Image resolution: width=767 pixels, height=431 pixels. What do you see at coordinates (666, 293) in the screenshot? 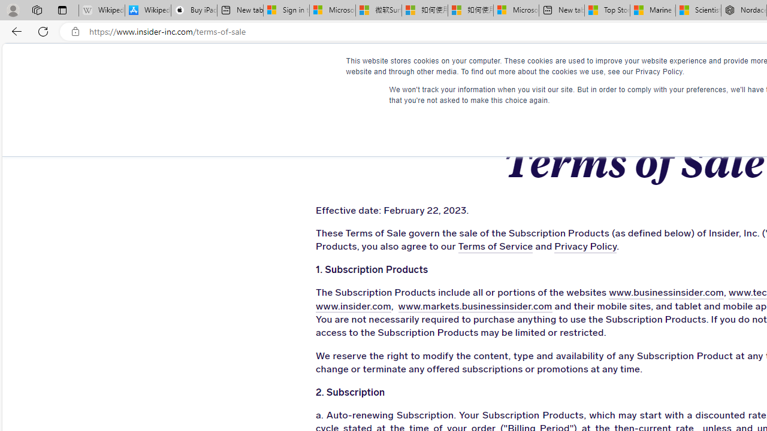
I see `'www.businessinsider.com'` at bounding box center [666, 293].